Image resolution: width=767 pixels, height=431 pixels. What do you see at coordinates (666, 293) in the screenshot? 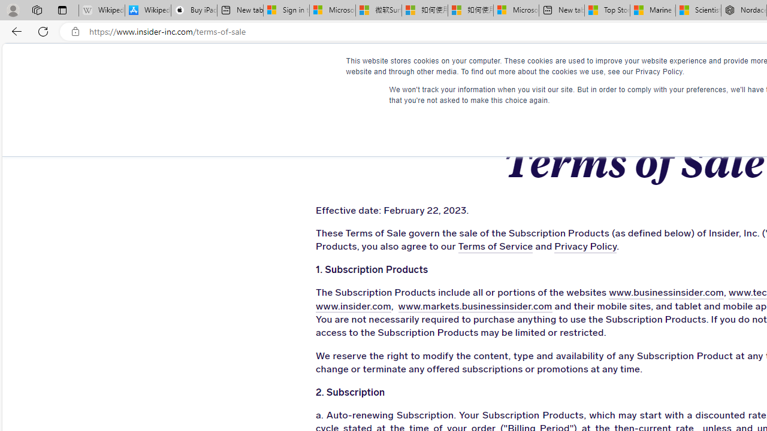
I see `'www.businessinsider.com'` at bounding box center [666, 293].